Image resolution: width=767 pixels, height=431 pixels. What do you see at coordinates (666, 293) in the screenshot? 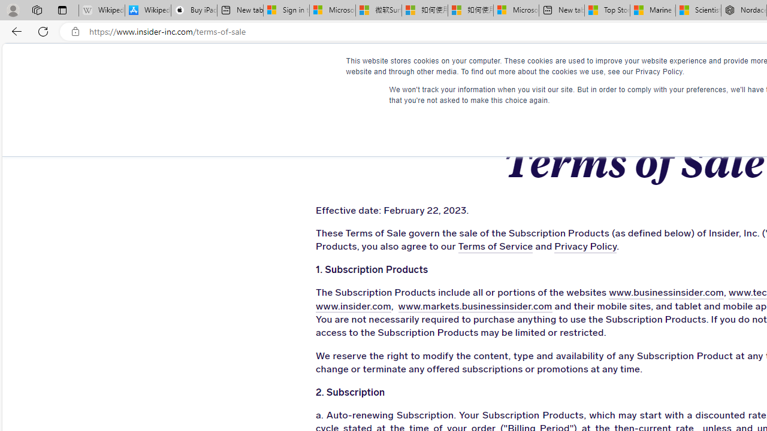
I see `'www.businessinsider.com'` at bounding box center [666, 293].